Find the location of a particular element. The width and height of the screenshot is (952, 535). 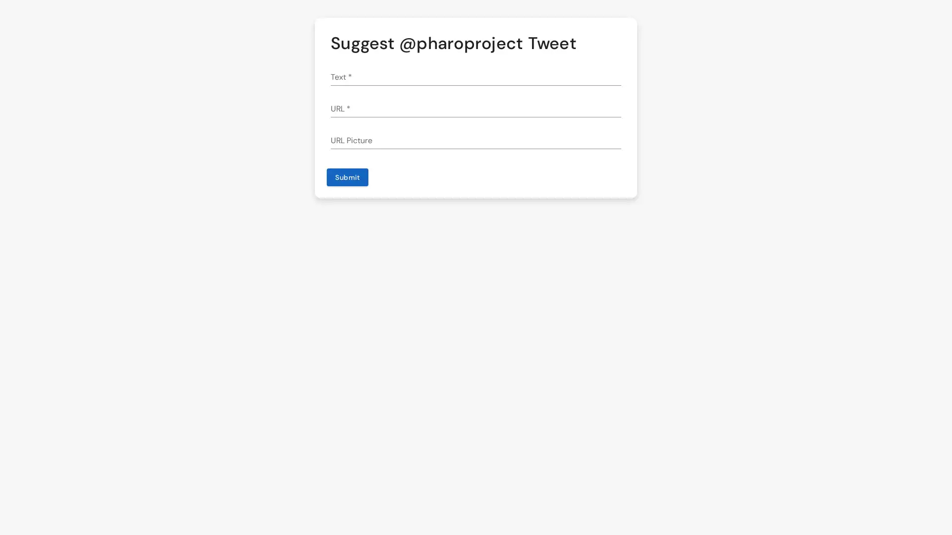

Submit is located at coordinates (347, 177).